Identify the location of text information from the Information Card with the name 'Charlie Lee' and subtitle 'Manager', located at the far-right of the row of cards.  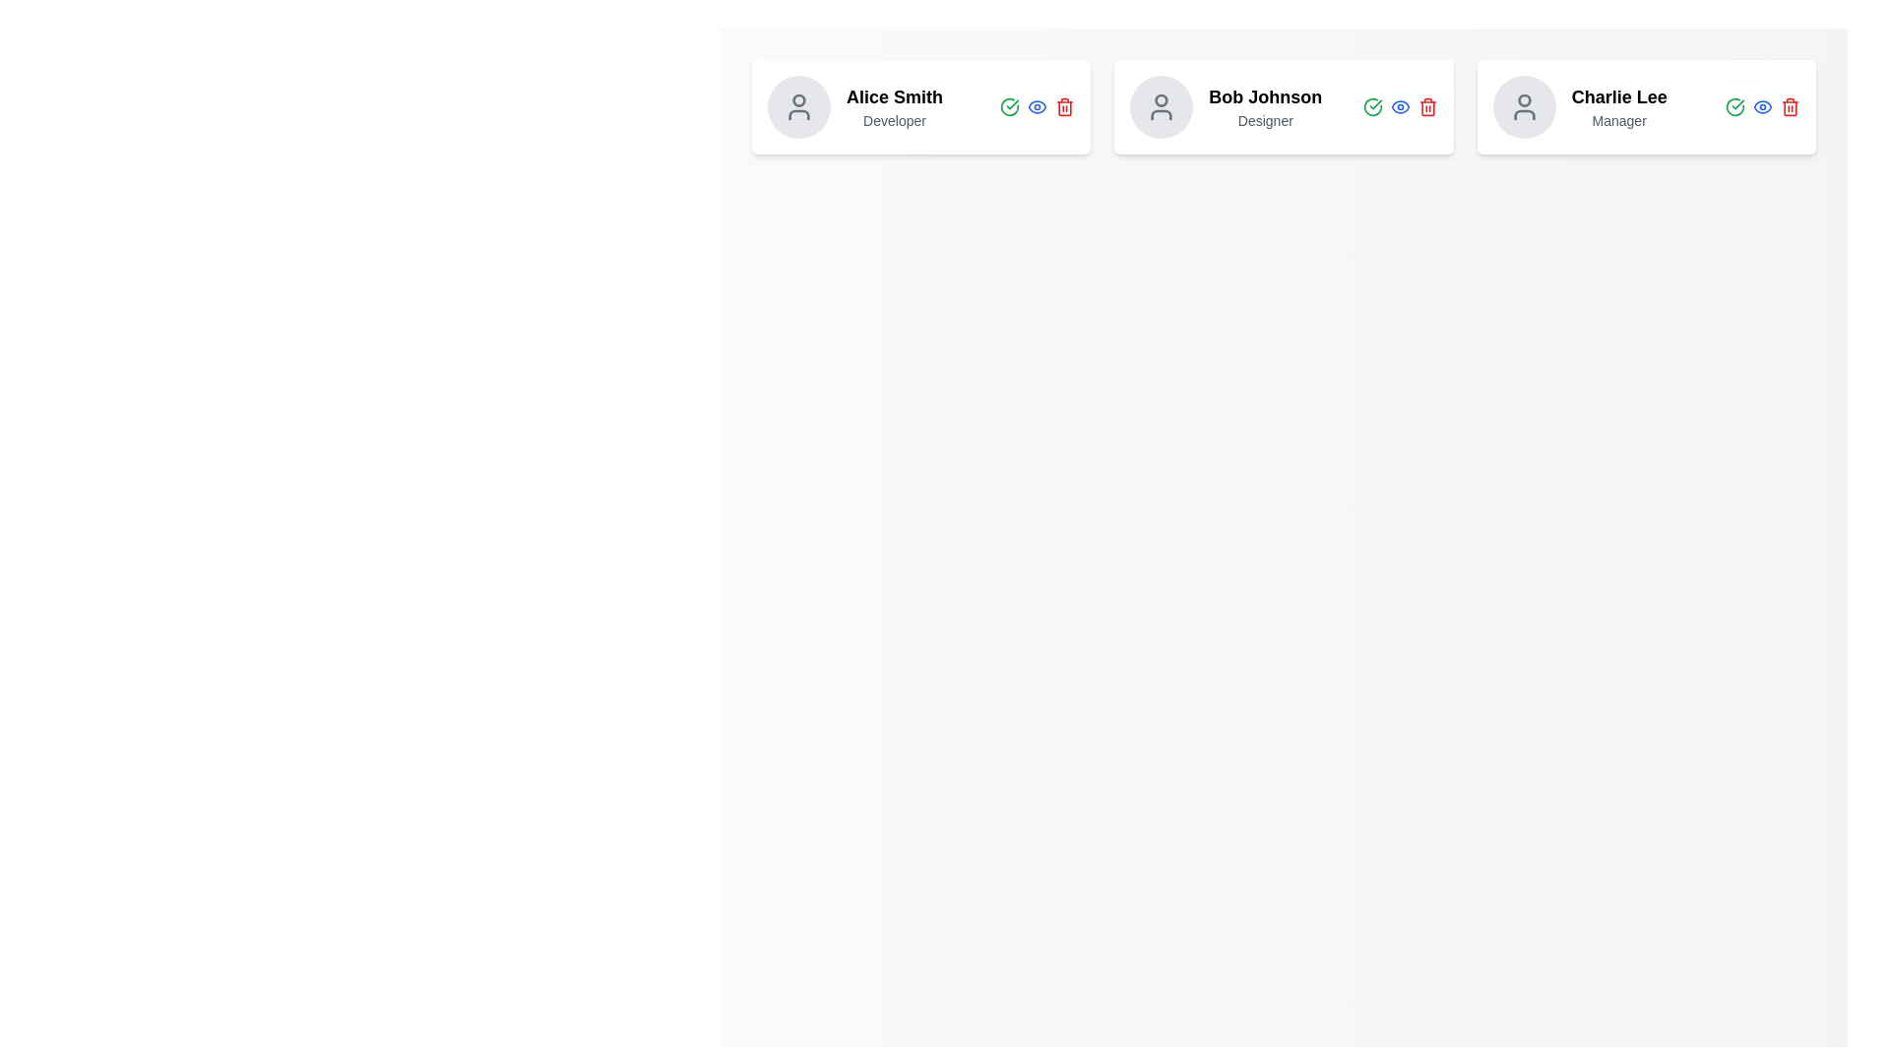
(1646, 106).